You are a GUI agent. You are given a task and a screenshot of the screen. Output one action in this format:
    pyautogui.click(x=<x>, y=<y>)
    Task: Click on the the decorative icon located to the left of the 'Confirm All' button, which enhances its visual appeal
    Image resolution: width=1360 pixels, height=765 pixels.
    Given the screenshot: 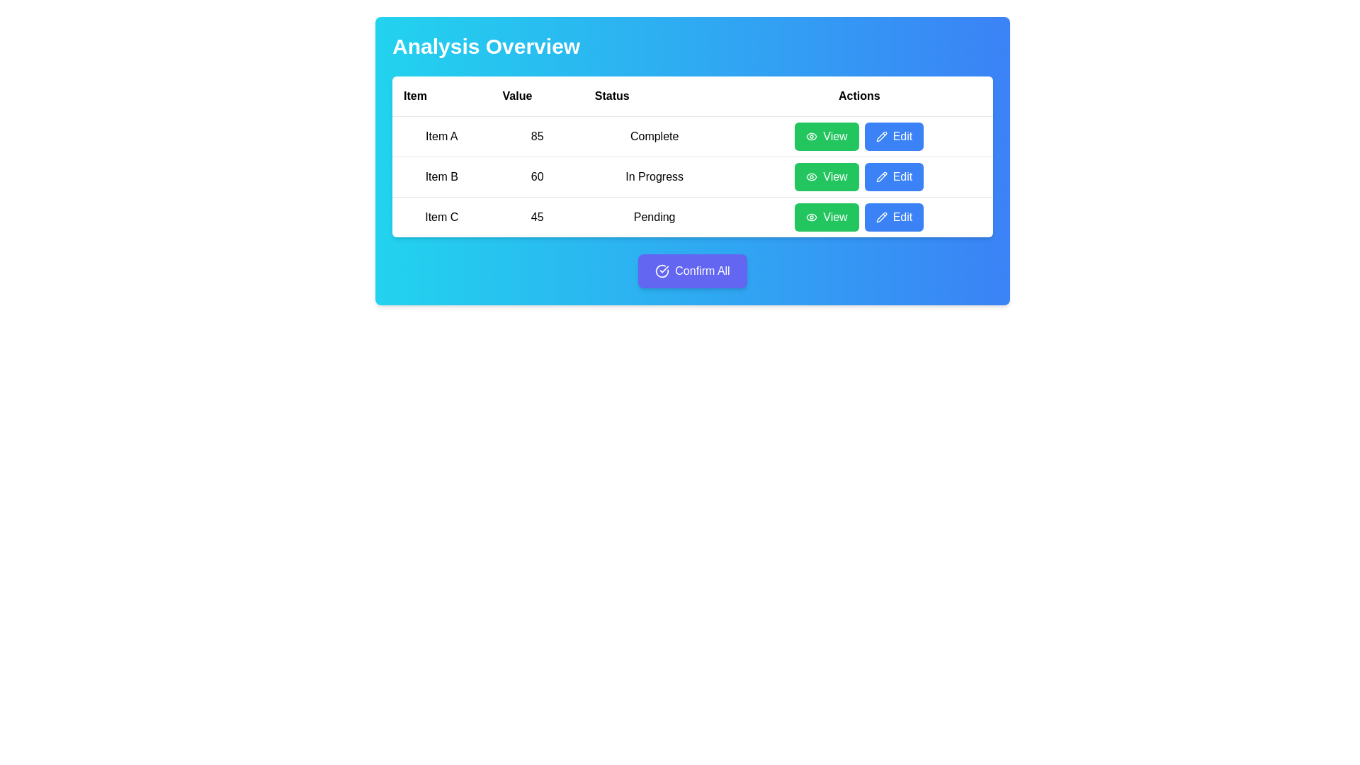 What is the action you would take?
    pyautogui.click(x=662, y=271)
    